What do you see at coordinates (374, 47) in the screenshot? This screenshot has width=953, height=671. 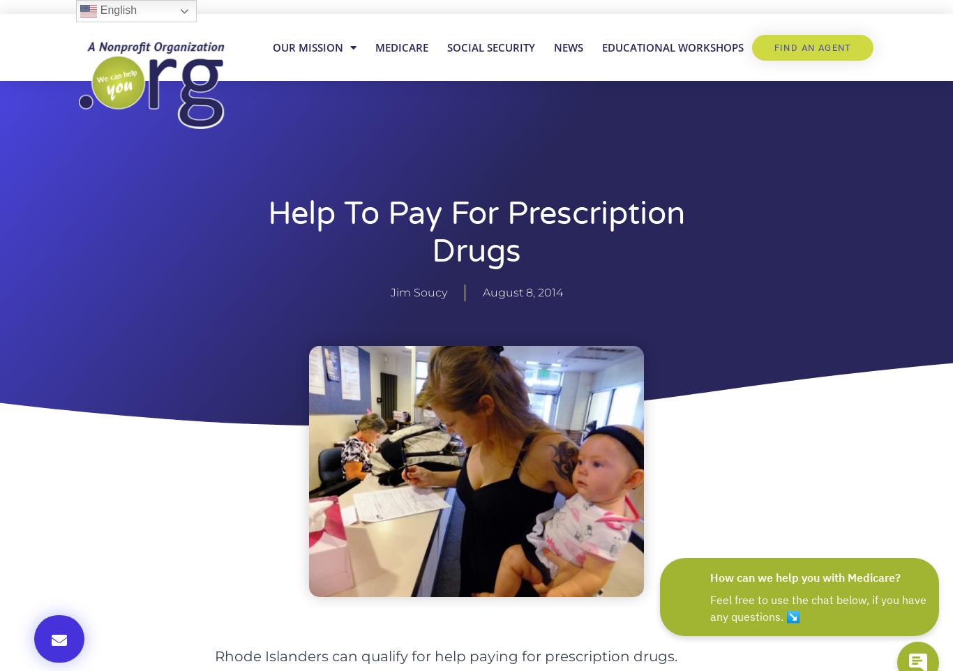 I see `'Medicare'` at bounding box center [374, 47].